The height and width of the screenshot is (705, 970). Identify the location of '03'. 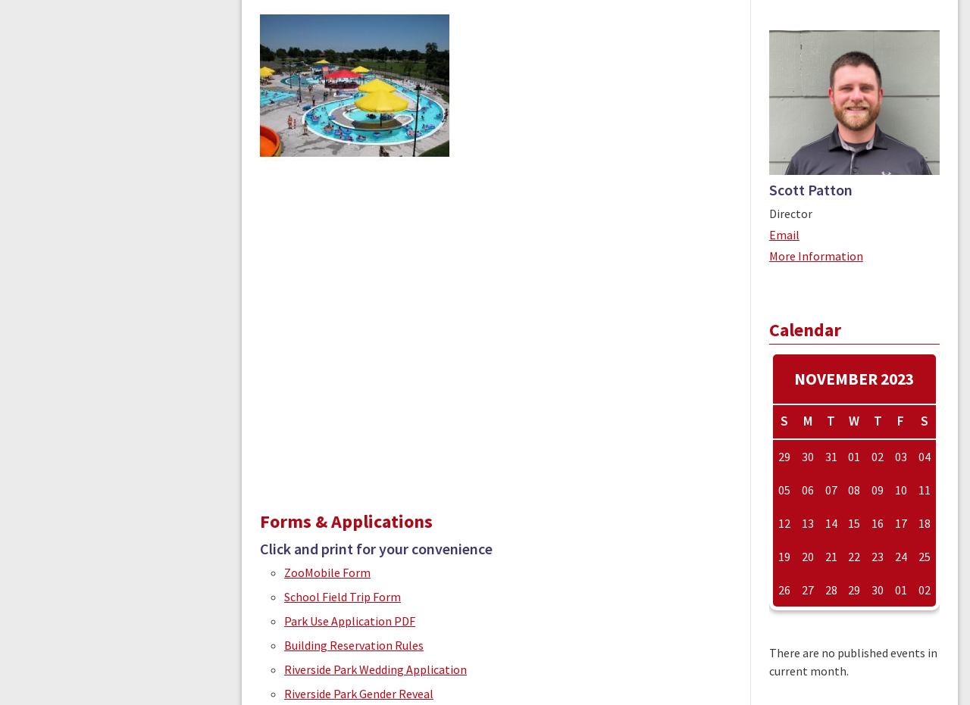
(900, 457).